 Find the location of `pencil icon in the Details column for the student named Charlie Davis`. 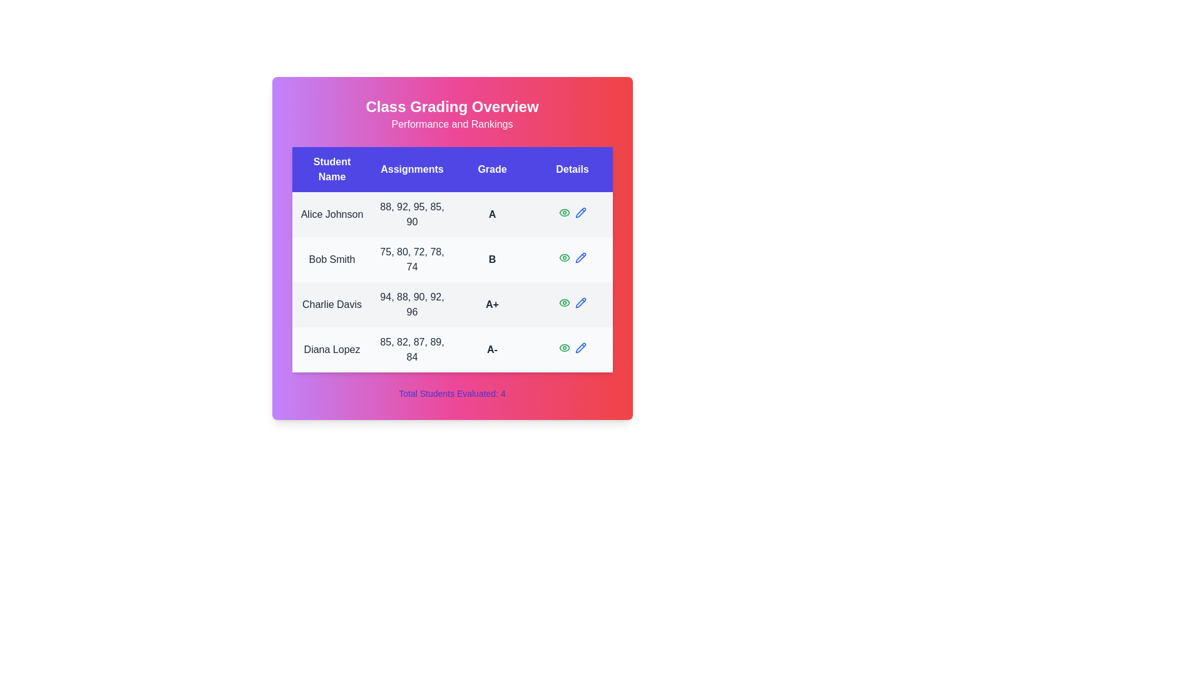

pencil icon in the Details column for the student named Charlie Davis is located at coordinates (580, 302).